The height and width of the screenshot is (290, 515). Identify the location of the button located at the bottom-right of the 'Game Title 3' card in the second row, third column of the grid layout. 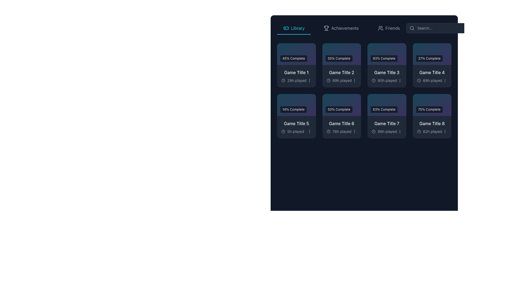
(400, 81).